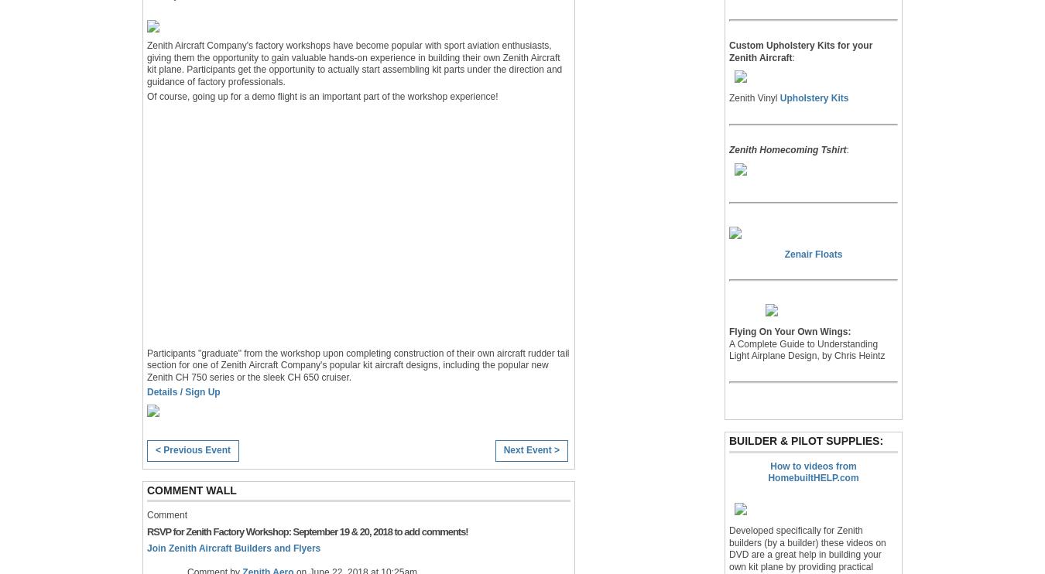  Describe the element at coordinates (357, 364) in the screenshot. I see `'Participants "graduate" from the workshop upon completing construction of their own aircraft rudder tail section for one of Zenith Aircraft Company's popular kit aircraft designs, including the popular new Zenith CH 750 series or the sleek CH 650 cruiser.'` at that location.